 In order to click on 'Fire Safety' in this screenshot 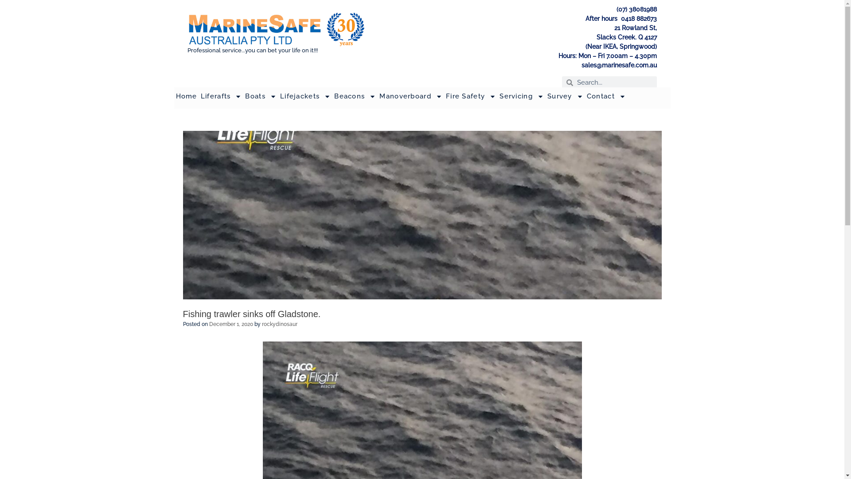, I will do `click(470, 96)`.